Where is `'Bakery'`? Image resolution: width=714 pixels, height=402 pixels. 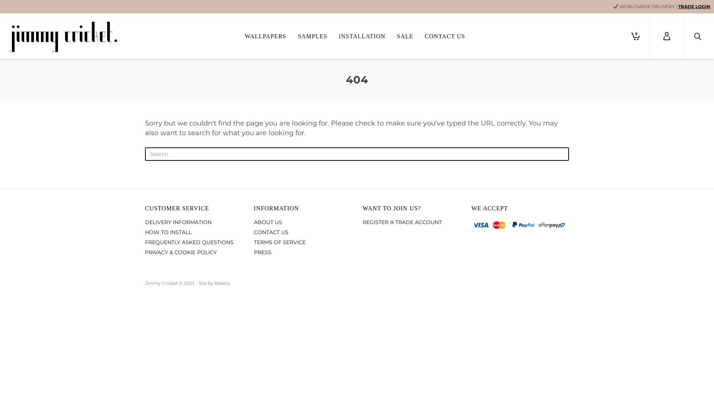 'Bakery' is located at coordinates (222, 283).